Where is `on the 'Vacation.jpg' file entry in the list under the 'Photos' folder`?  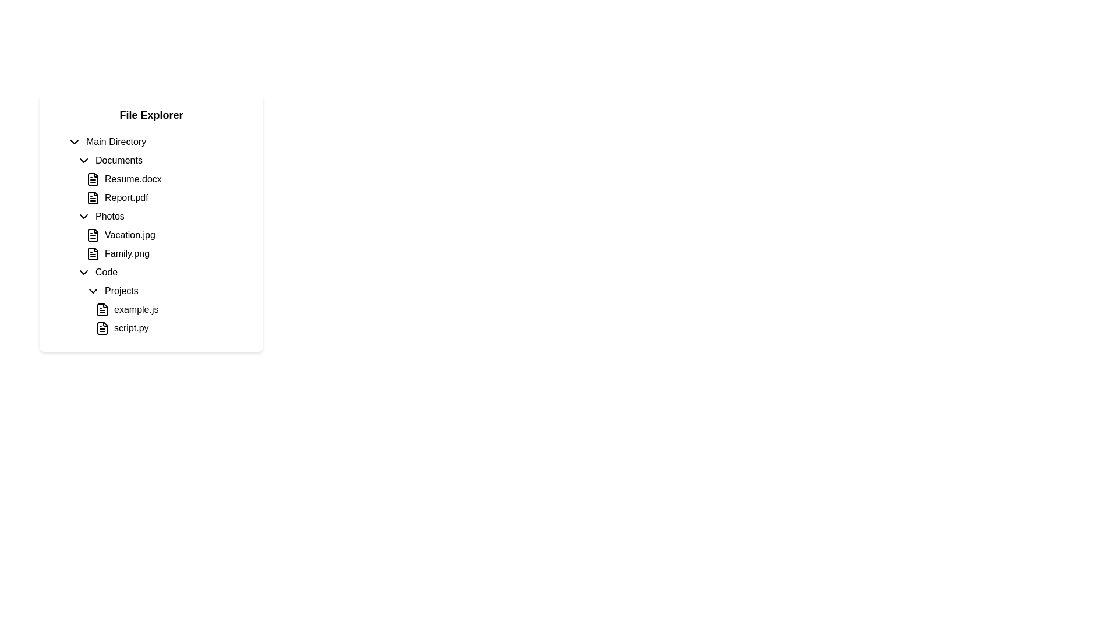
on the 'Vacation.jpg' file entry in the list under the 'Photos' folder is located at coordinates (155, 235).